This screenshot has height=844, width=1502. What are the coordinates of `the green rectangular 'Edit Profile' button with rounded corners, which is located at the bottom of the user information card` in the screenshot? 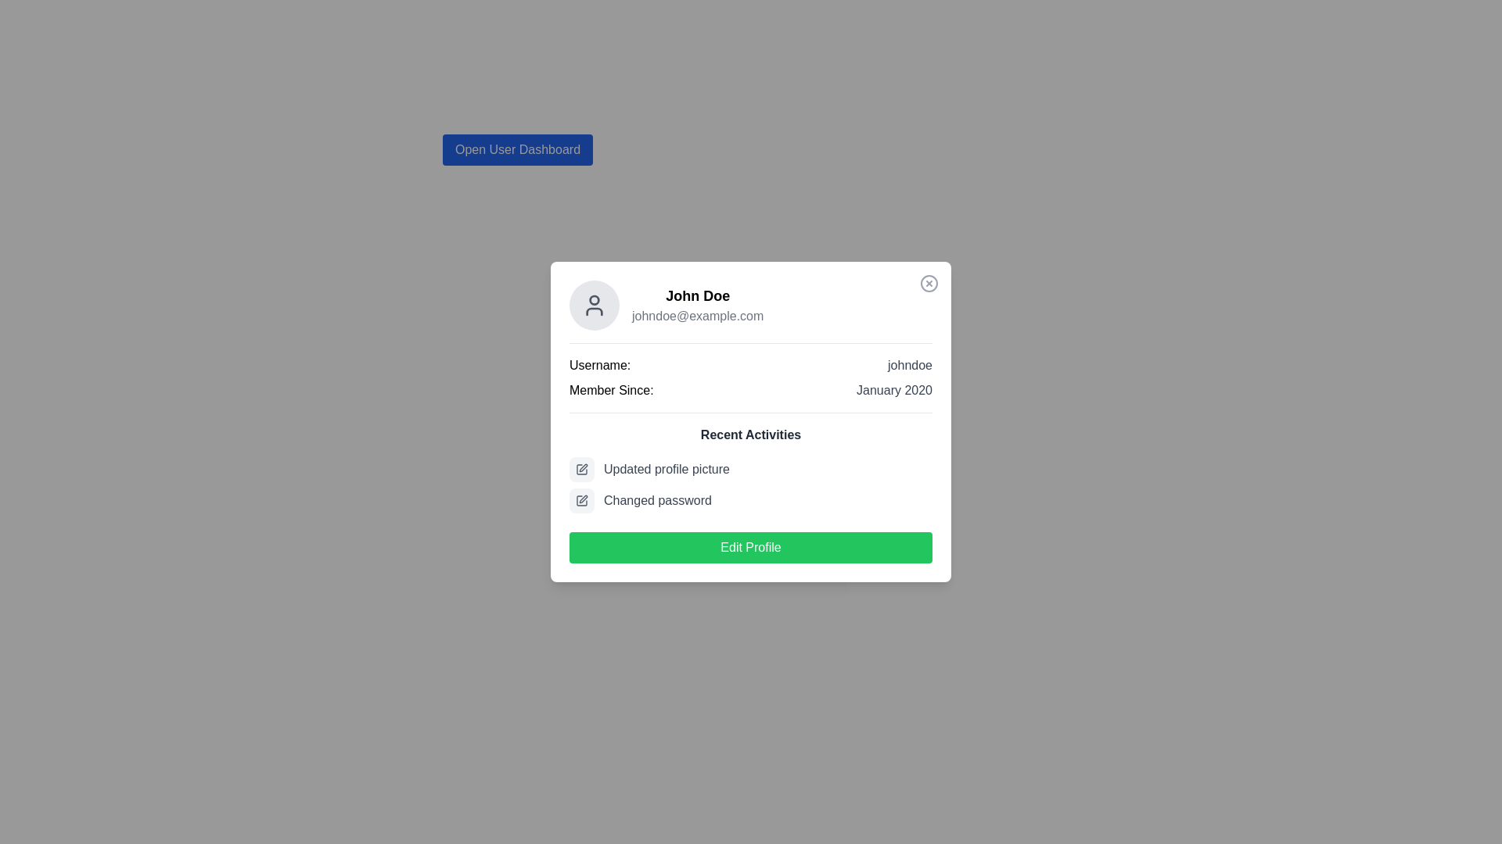 It's located at (751, 547).